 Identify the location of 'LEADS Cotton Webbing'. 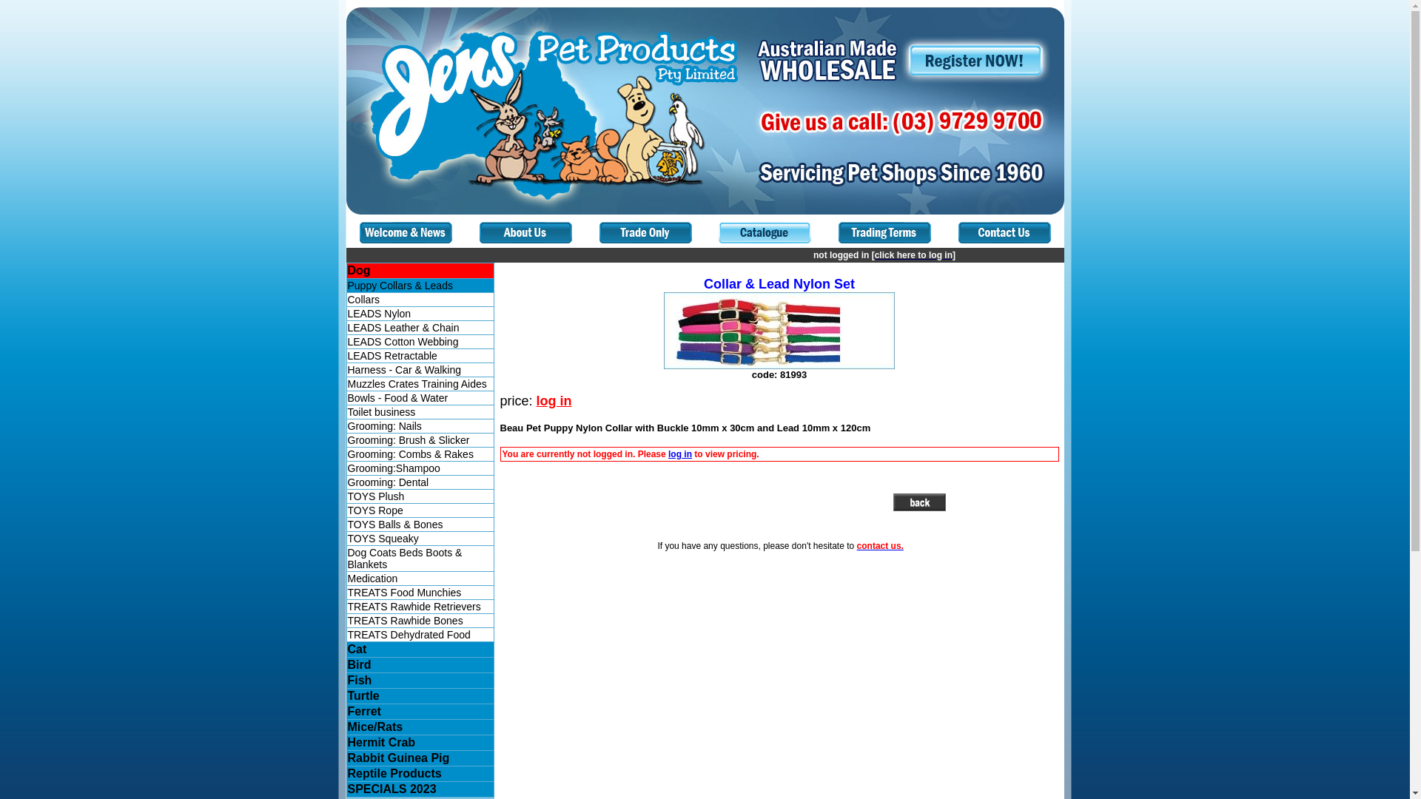
(418, 342).